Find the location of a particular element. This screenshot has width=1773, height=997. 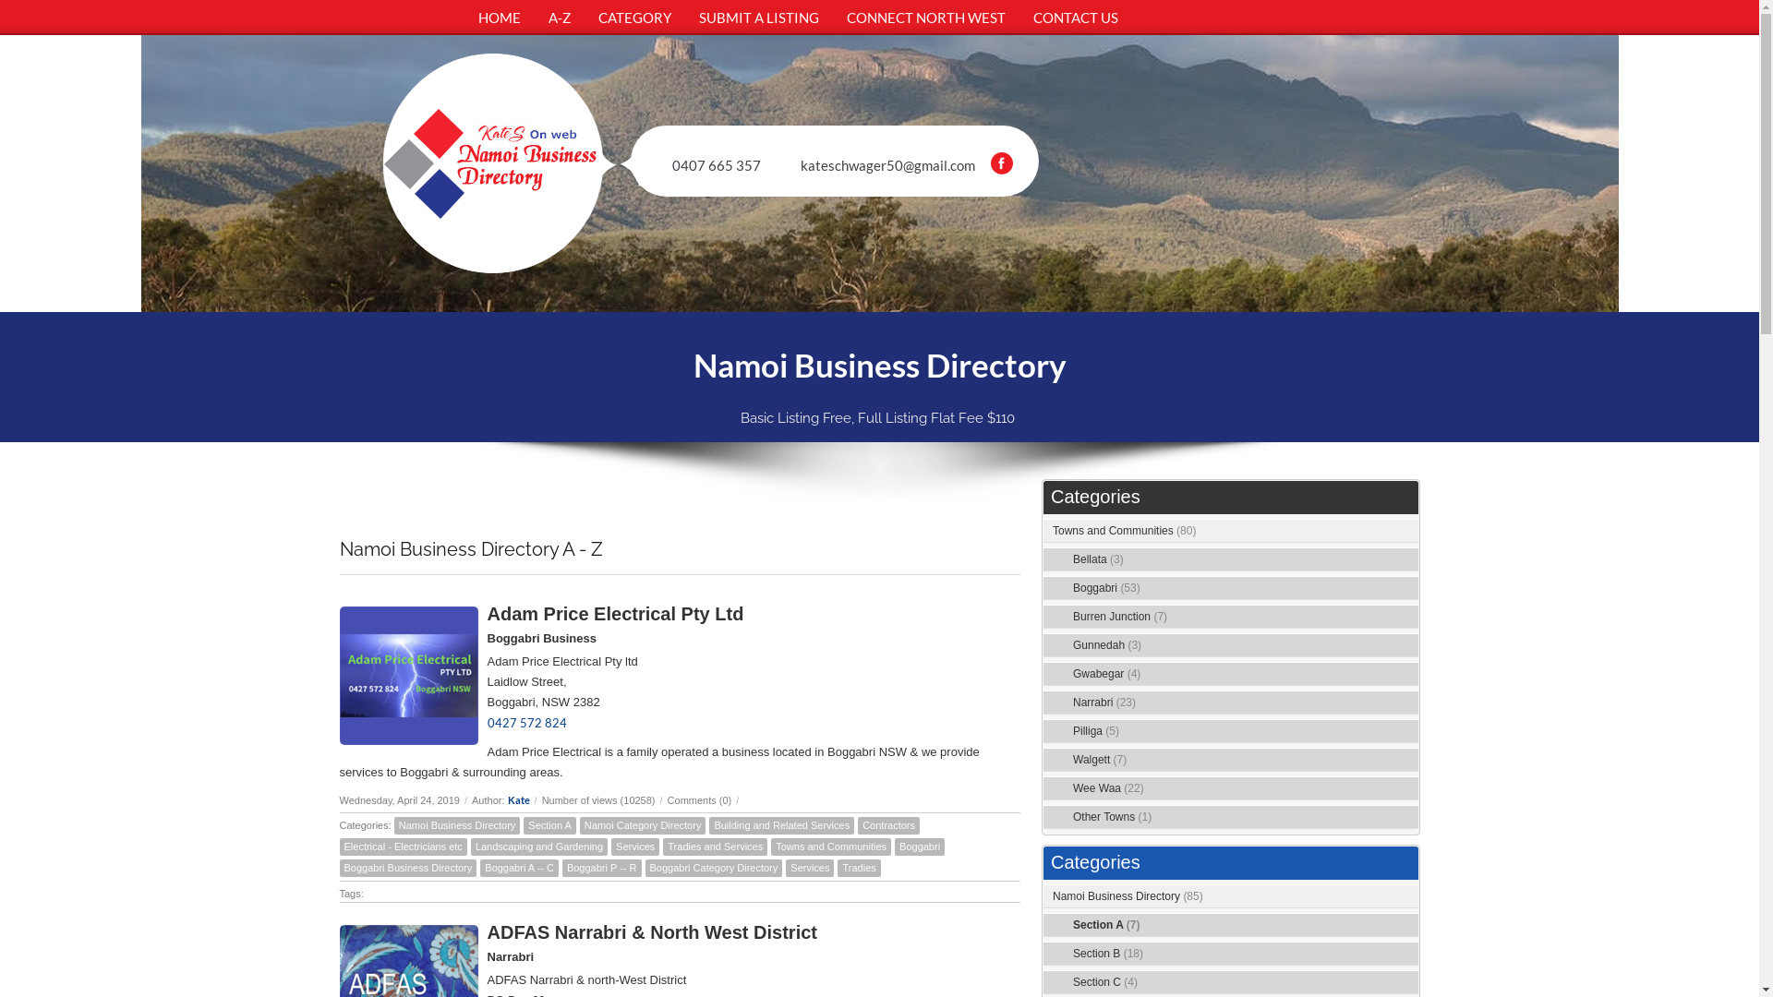

'A-Z' is located at coordinates (557, 18).